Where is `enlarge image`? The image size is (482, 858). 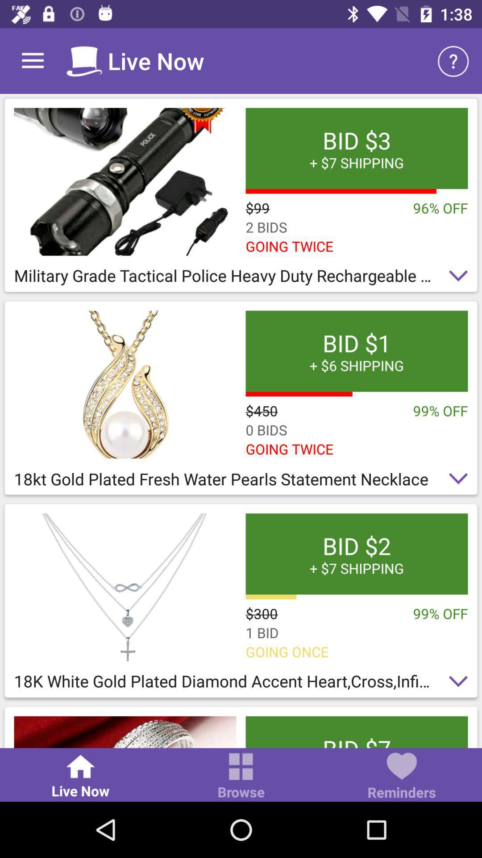
enlarge image is located at coordinates (125, 384).